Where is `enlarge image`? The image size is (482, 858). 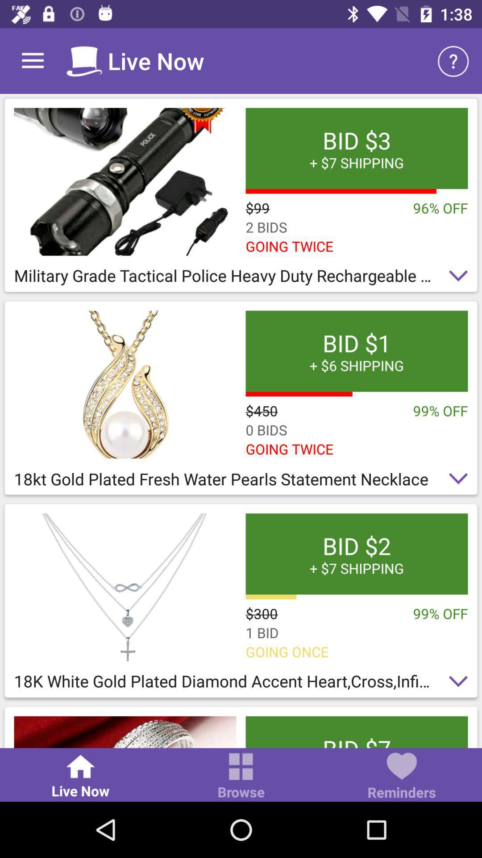
enlarge image is located at coordinates (125, 384).